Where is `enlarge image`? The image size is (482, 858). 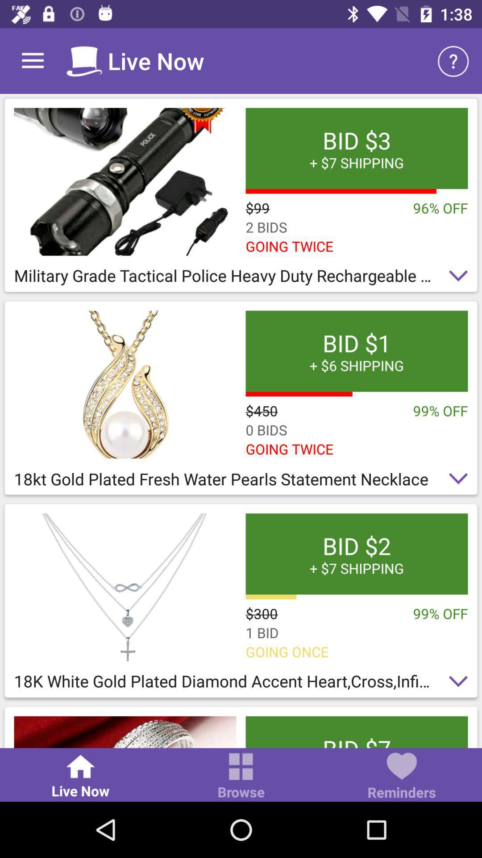
enlarge image is located at coordinates (125, 384).